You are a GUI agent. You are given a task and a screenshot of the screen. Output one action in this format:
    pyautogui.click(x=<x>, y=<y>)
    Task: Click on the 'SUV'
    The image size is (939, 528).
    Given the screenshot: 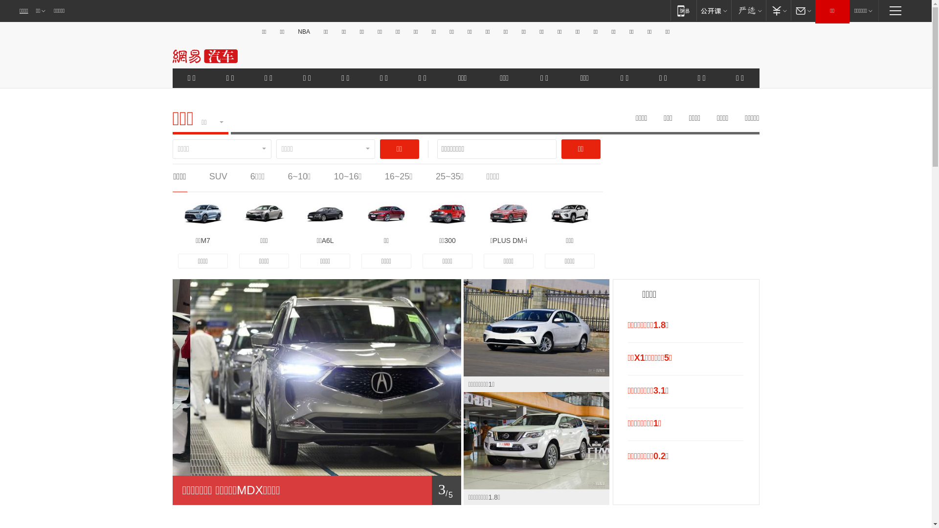 What is the action you would take?
    pyautogui.click(x=218, y=176)
    